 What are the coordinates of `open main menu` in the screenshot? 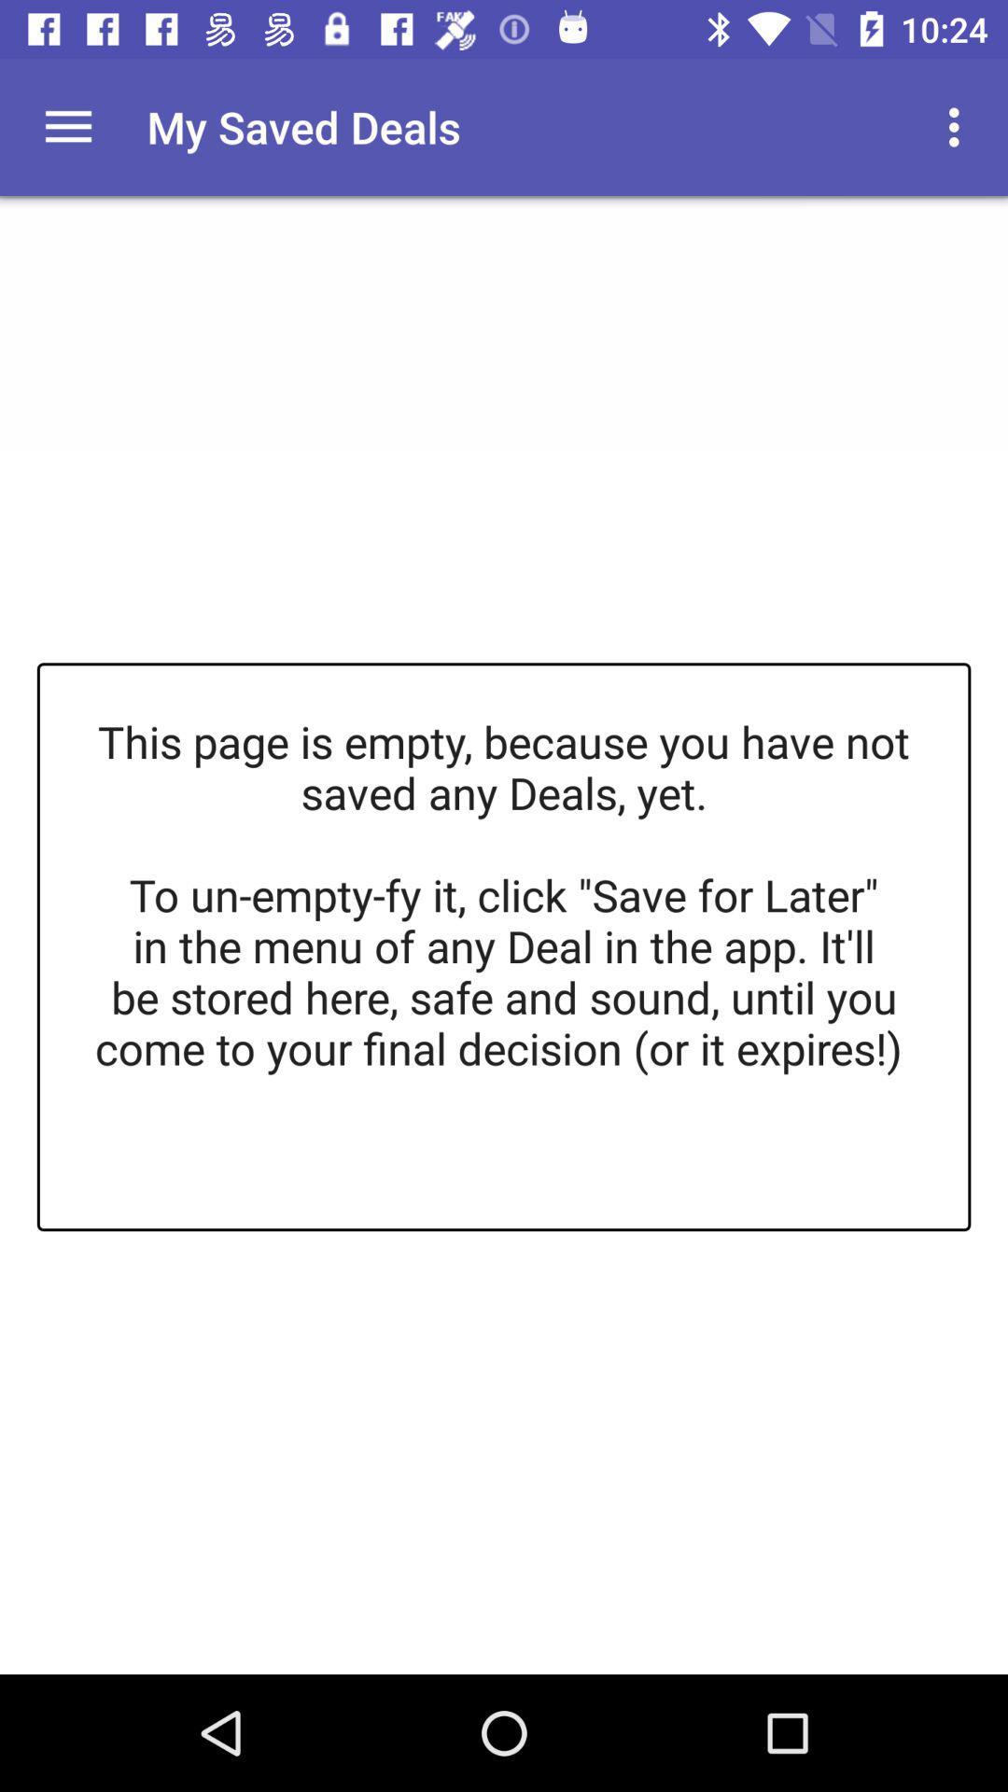 It's located at (67, 126).